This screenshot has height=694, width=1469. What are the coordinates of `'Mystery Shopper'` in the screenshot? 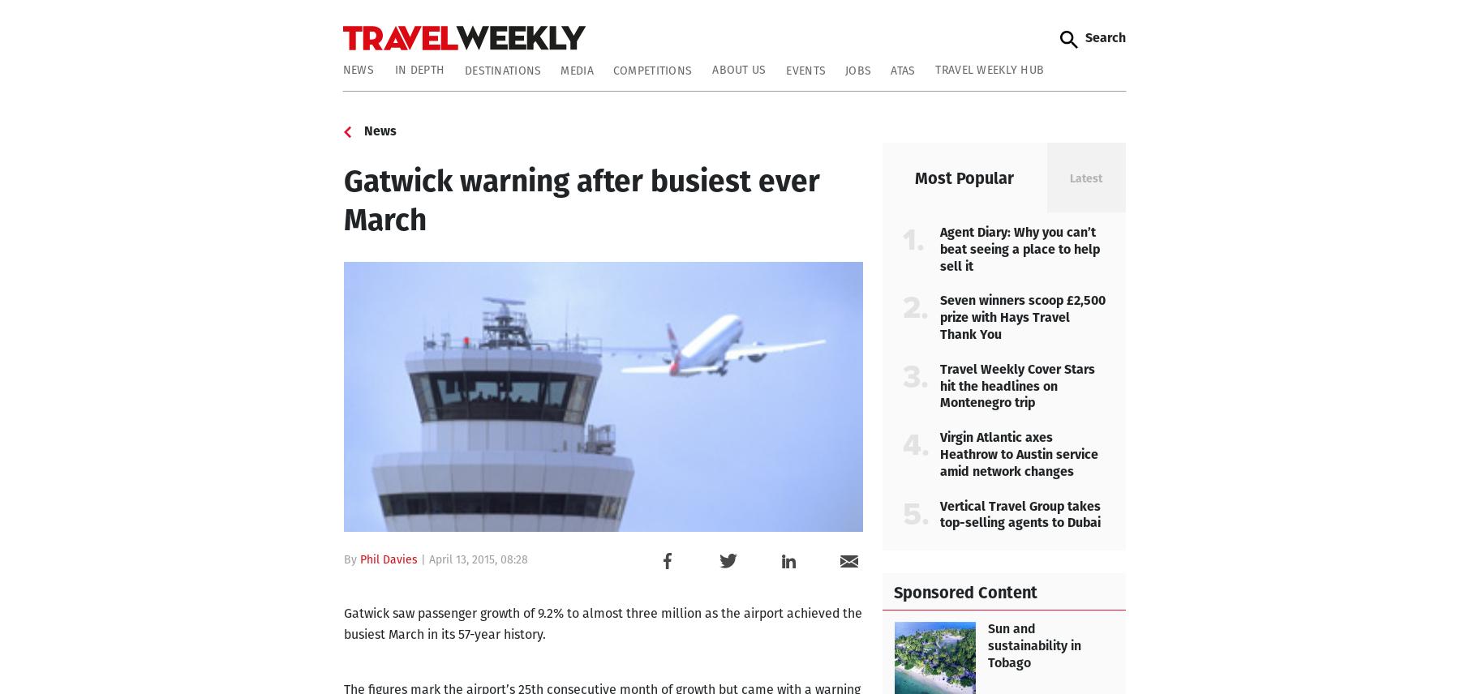 It's located at (354, 223).